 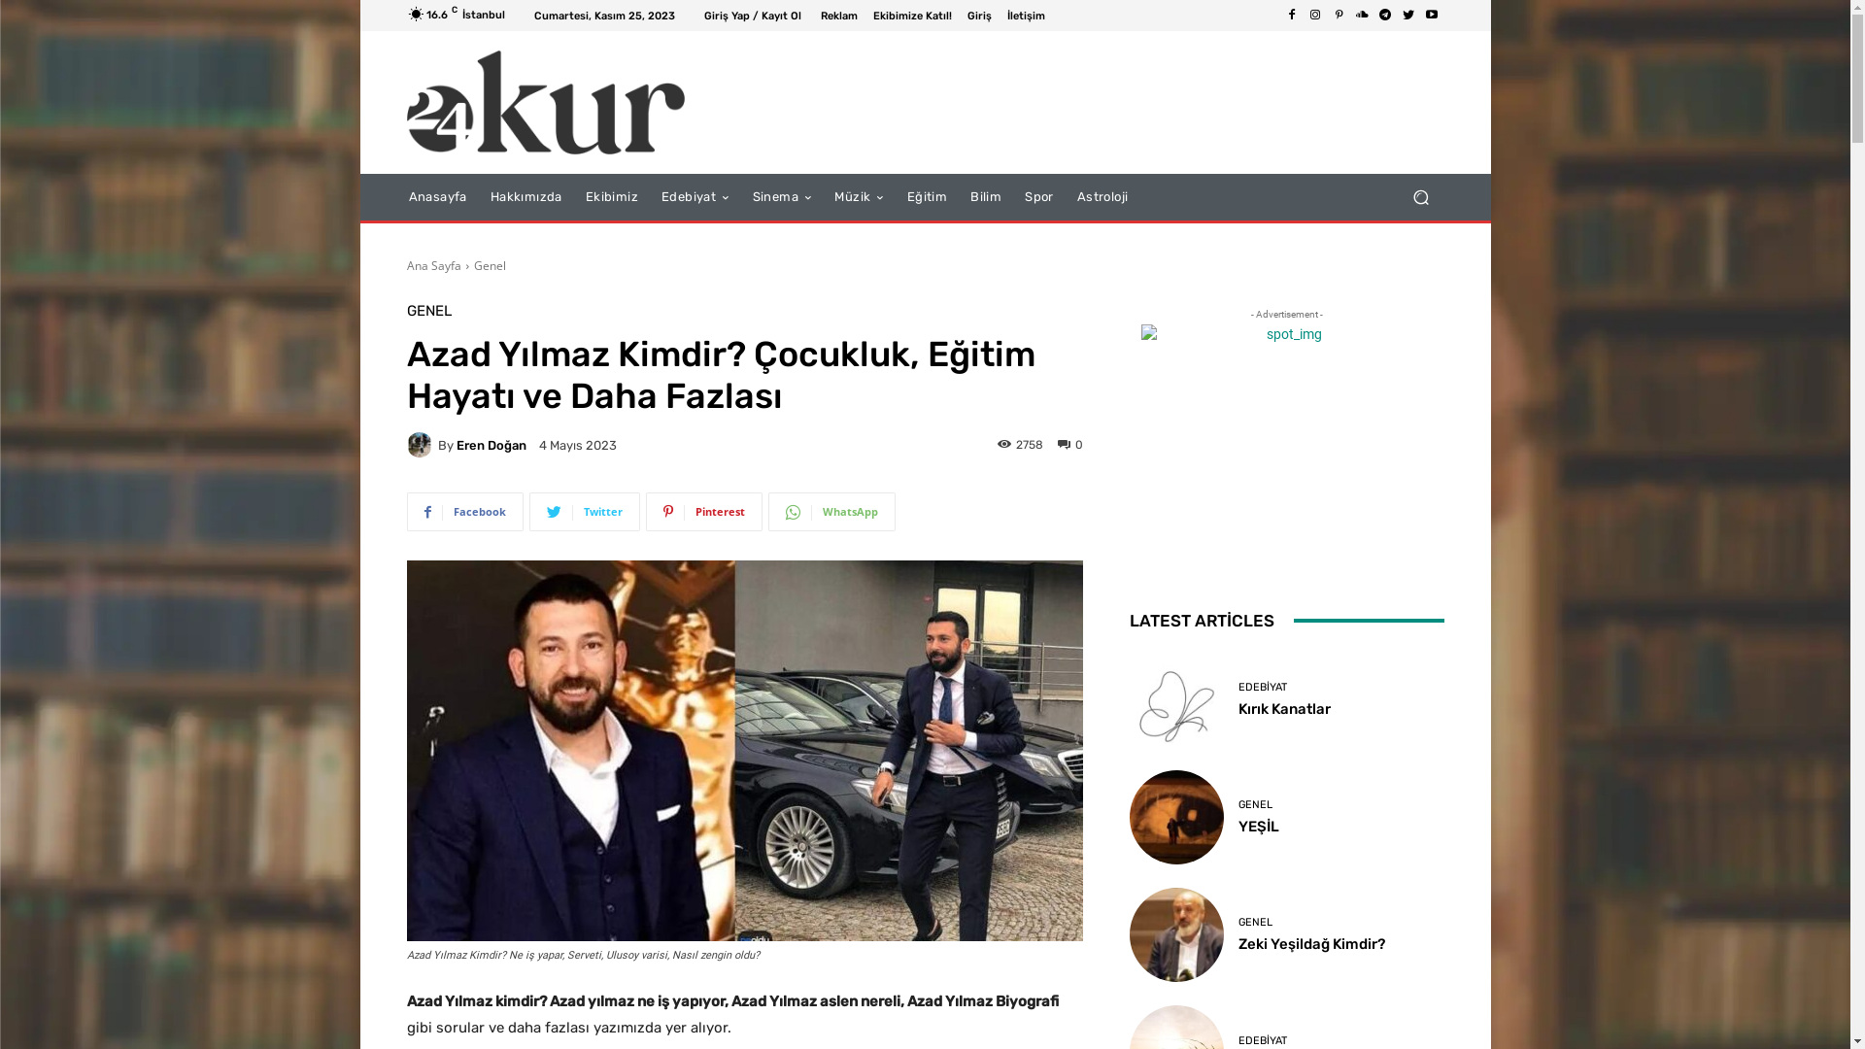 I want to click on 'Edebiyat', so click(x=695, y=197).